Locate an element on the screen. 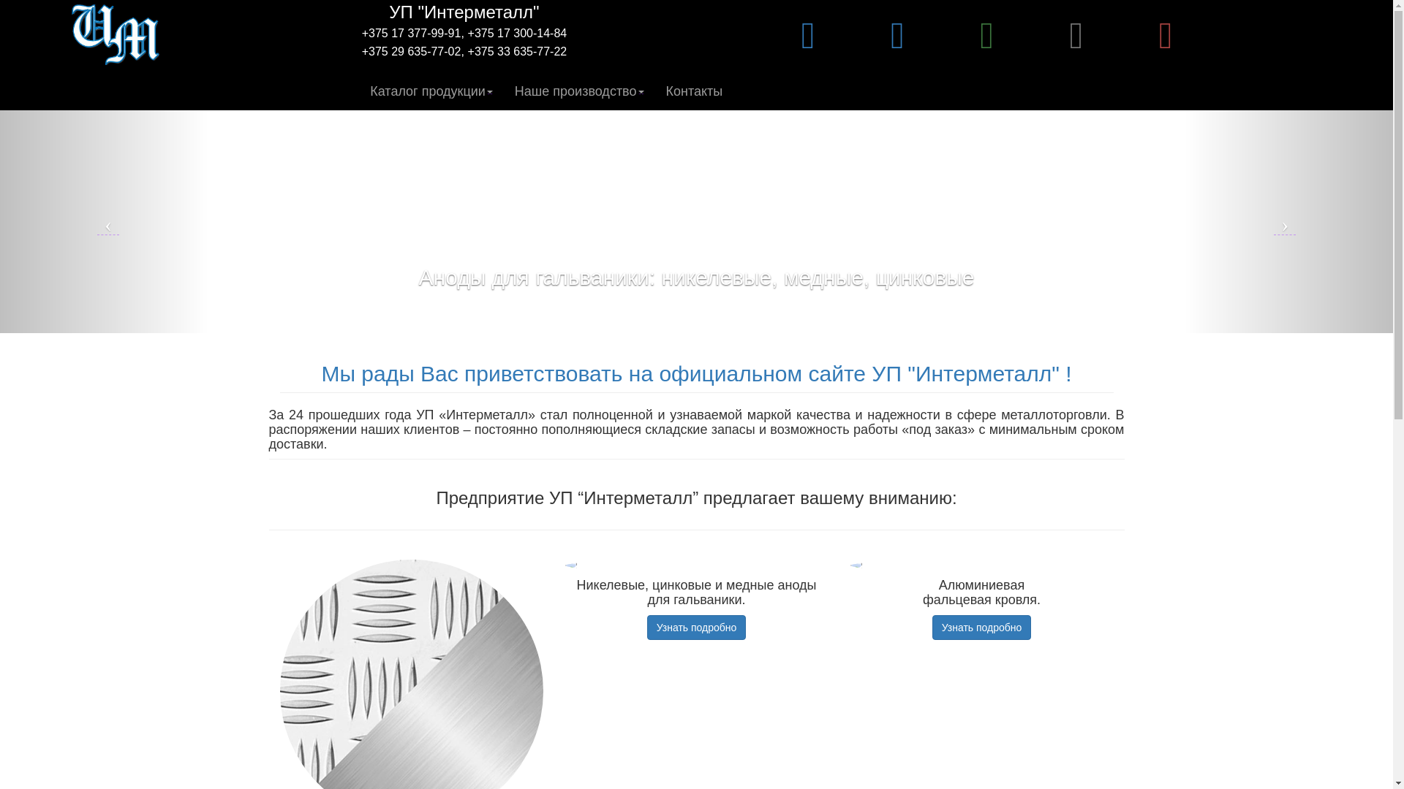 Image resolution: width=1404 pixels, height=789 pixels. '+375 33 635-77-22' is located at coordinates (467, 50).